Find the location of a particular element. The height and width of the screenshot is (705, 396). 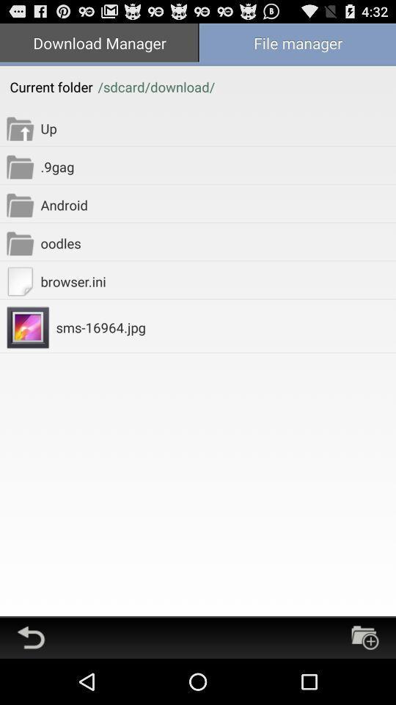

the item at the top right corner is located at coordinates (297, 43).